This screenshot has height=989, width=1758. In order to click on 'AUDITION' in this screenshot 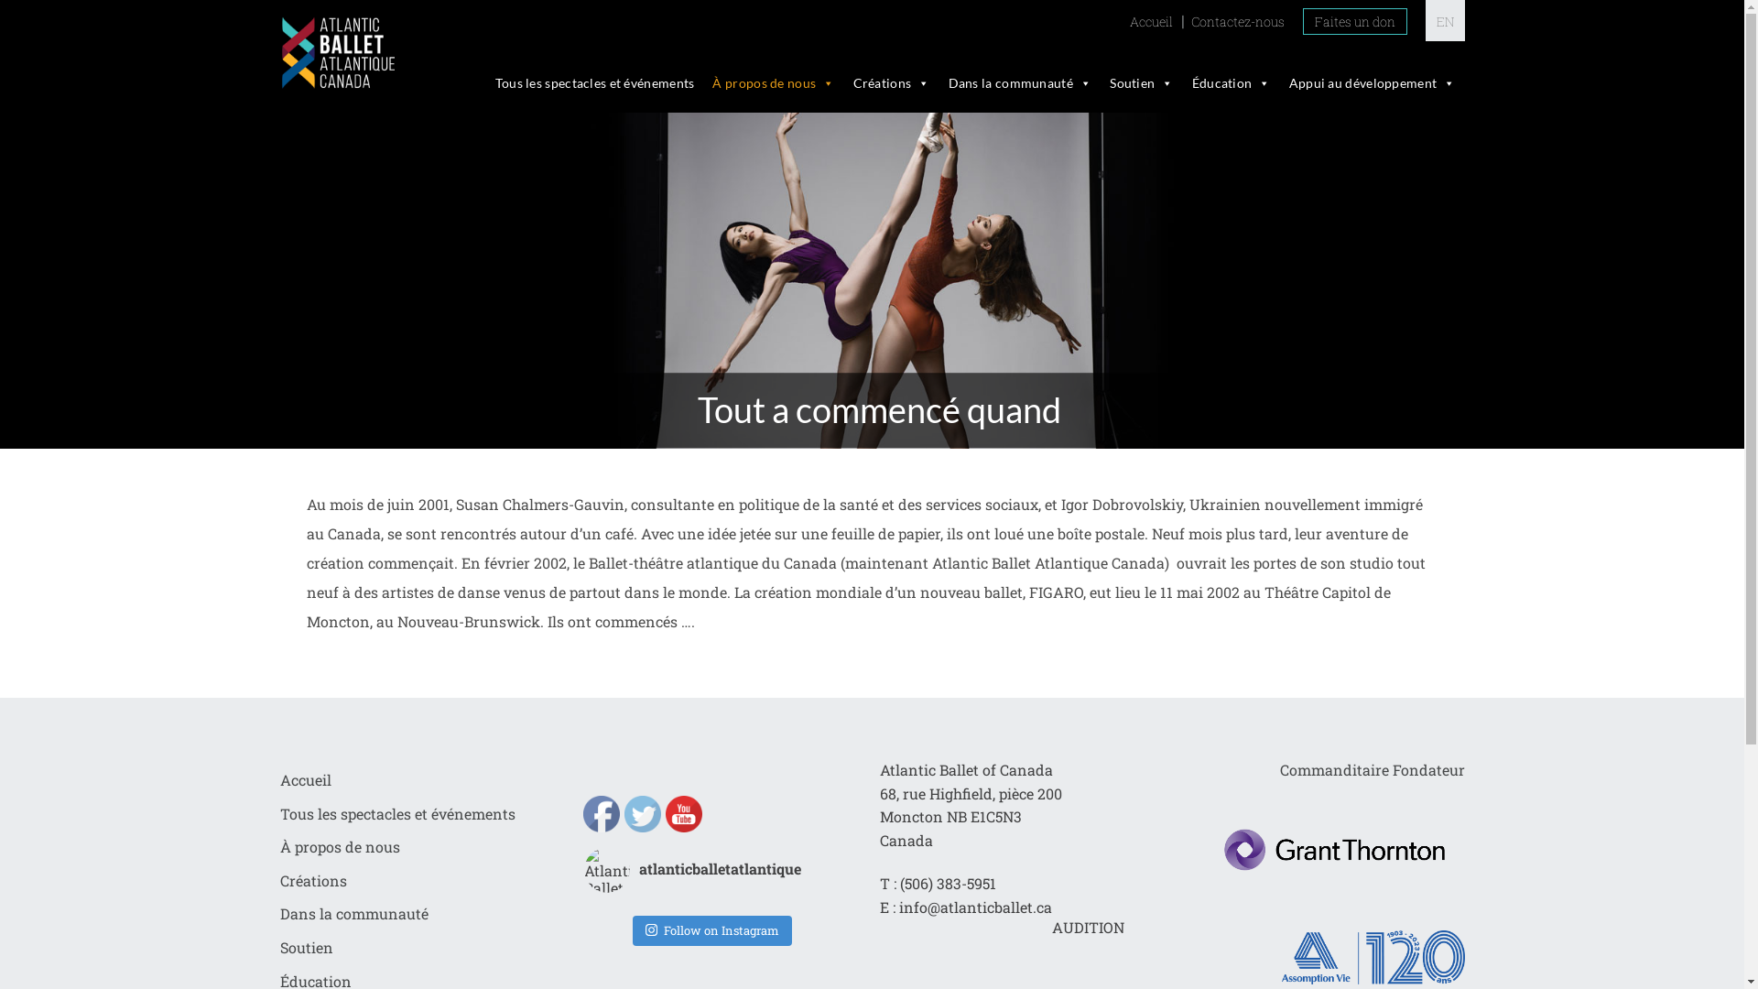, I will do `click(1088, 928)`.